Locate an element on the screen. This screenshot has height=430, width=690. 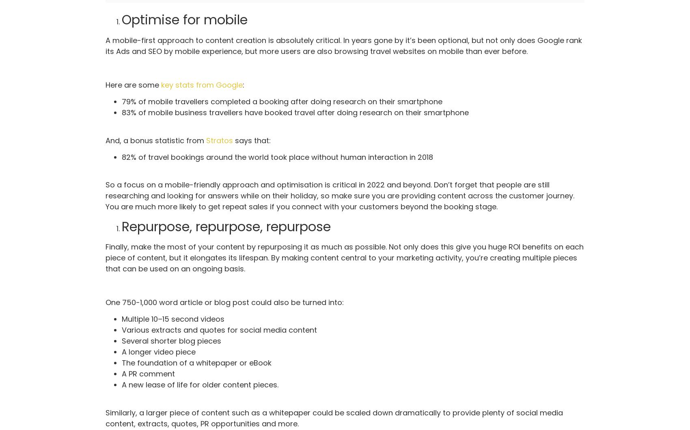
'A mobile-first approach to content creation is absolutely critical. In years gone by it’s been optional, but not only does Google rank its Ads and SEO by mobile experience, but more users are also browsing' is located at coordinates (343, 45).